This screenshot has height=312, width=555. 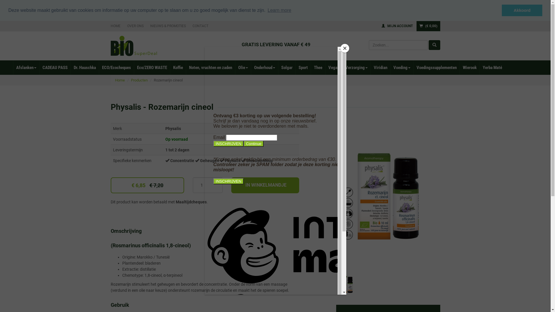 What do you see at coordinates (13, 67) in the screenshot?
I see `'Afslanken'` at bounding box center [13, 67].